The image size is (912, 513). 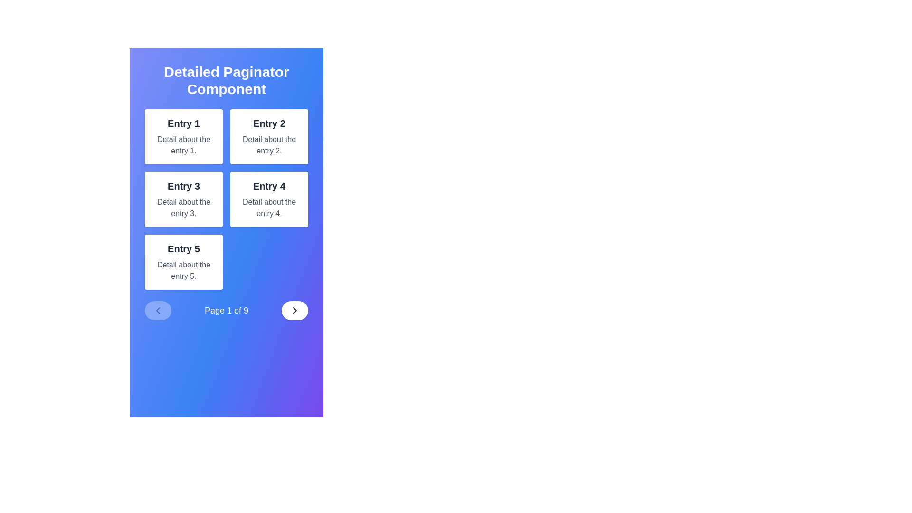 What do you see at coordinates (184, 186) in the screenshot?
I see `the text label displaying 'Entry 3', which is styled in a larger, bold font and is located in the second row, first column of a grid layout` at bounding box center [184, 186].